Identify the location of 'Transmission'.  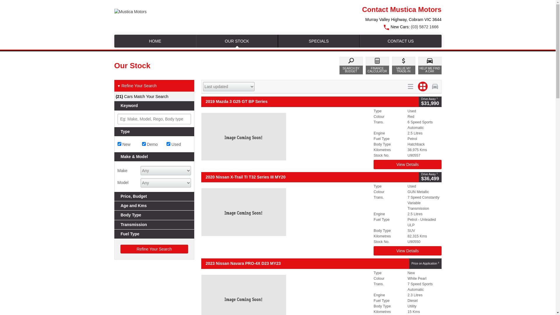
(154, 224).